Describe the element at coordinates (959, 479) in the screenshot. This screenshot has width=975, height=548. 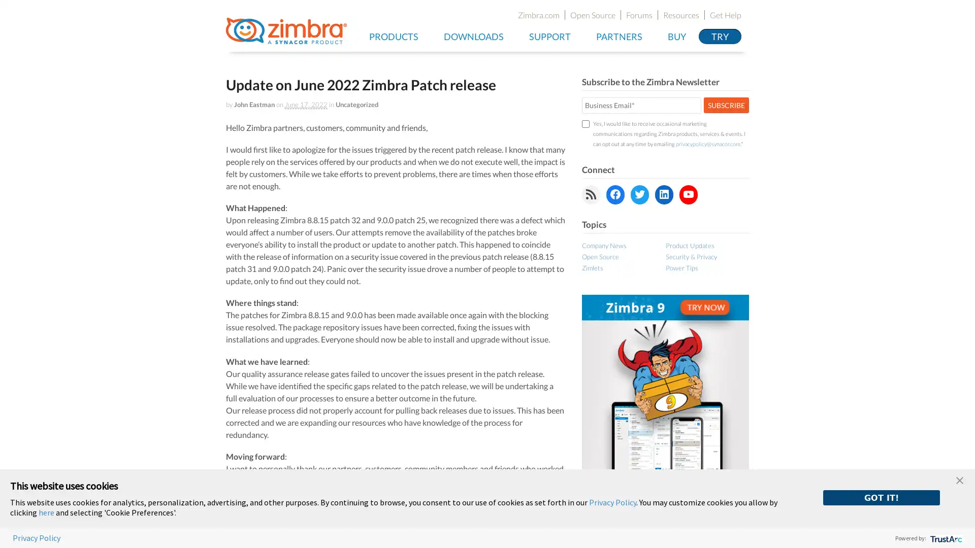
I see `close banner` at that location.